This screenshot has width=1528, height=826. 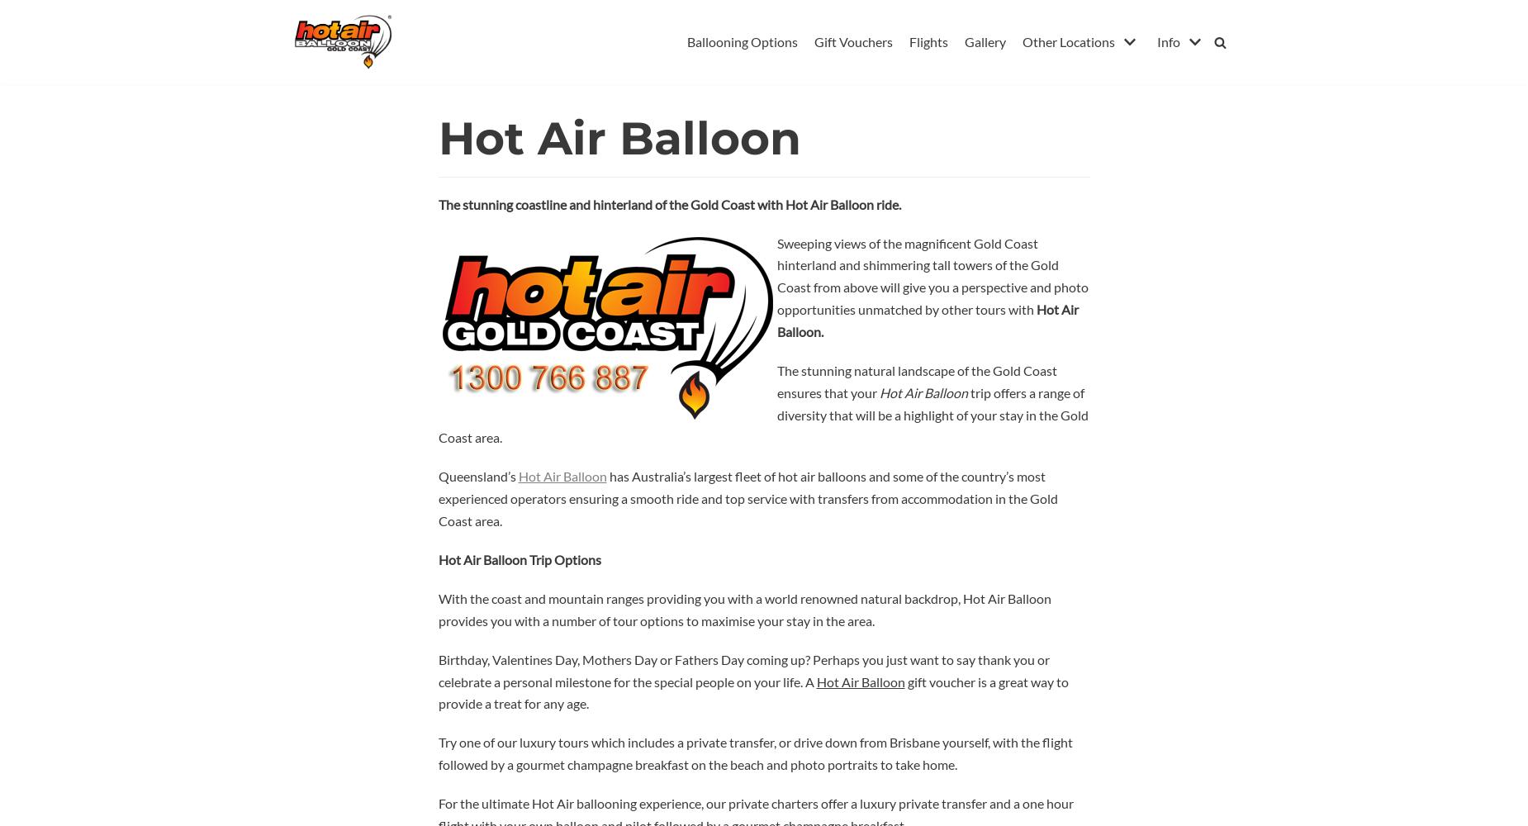 What do you see at coordinates (1052, 76) in the screenshot?
I see `'Brisbane'` at bounding box center [1052, 76].